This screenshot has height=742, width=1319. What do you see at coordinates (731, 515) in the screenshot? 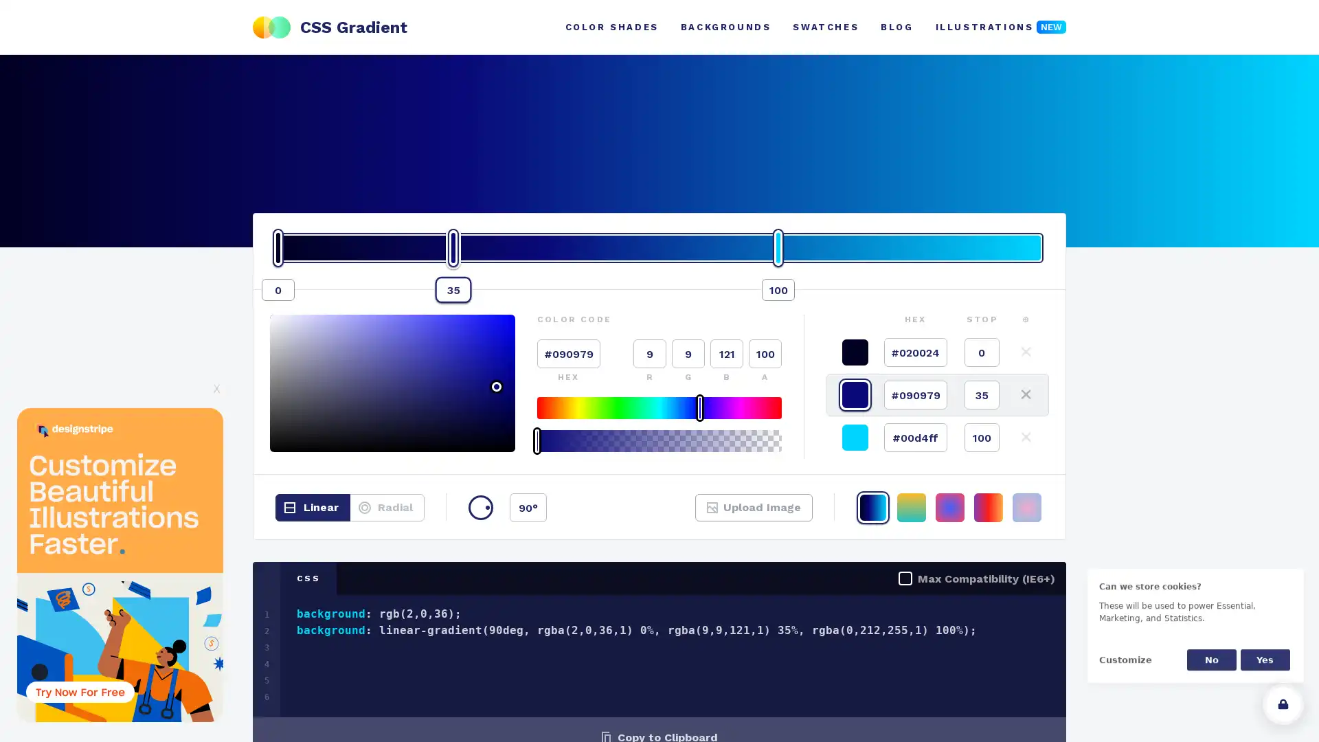
I see `Choose File` at bounding box center [731, 515].